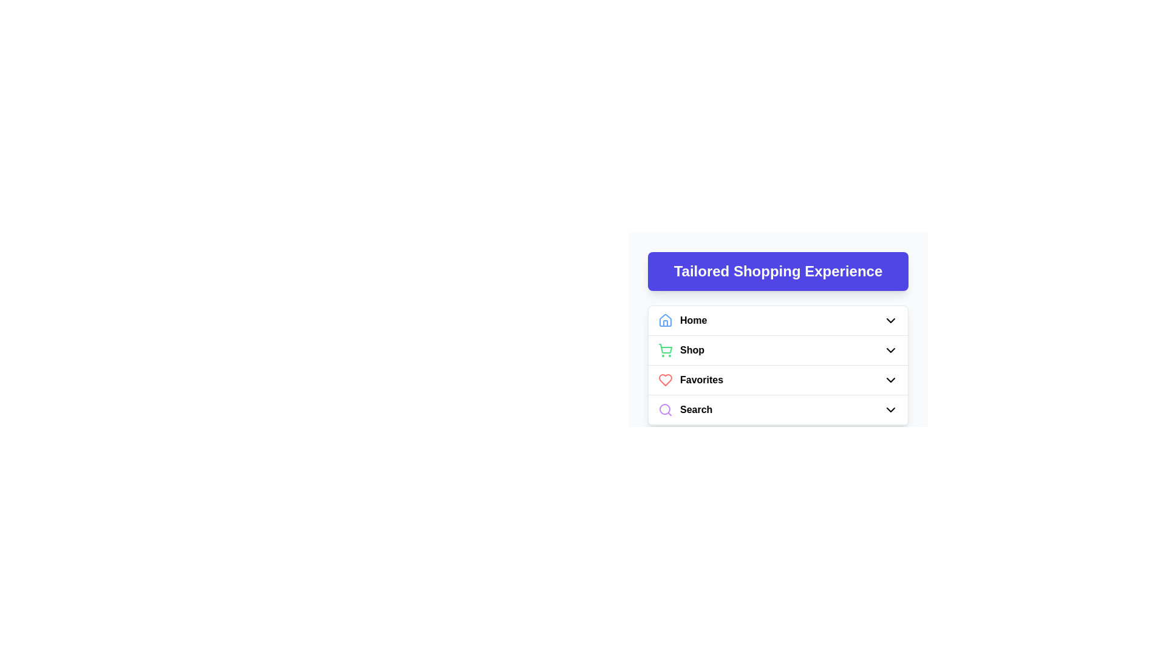 The width and height of the screenshot is (1166, 656). Describe the element at coordinates (685, 410) in the screenshot. I see `the 'Search' menu item located under the 'Tailored Shopping Experience' section, which is the fourth item in the list, to observe potential hover effects` at that location.